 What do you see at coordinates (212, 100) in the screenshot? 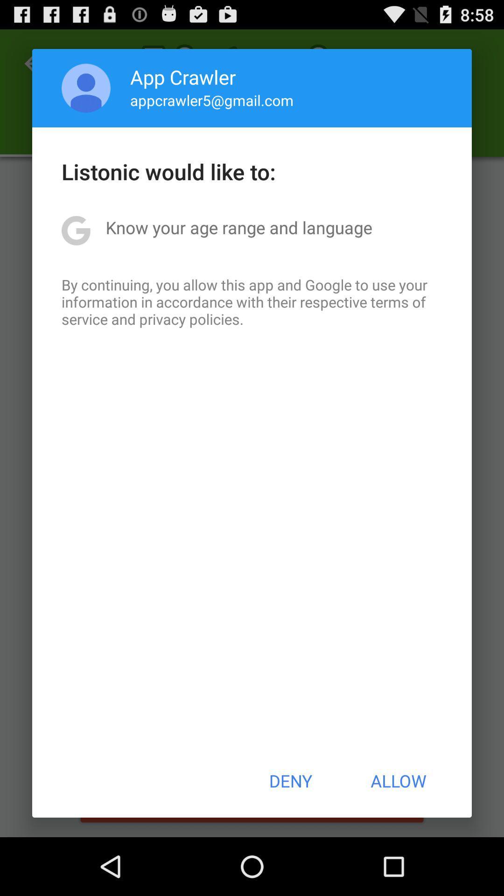
I see `the icon above listonic would like item` at bounding box center [212, 100].